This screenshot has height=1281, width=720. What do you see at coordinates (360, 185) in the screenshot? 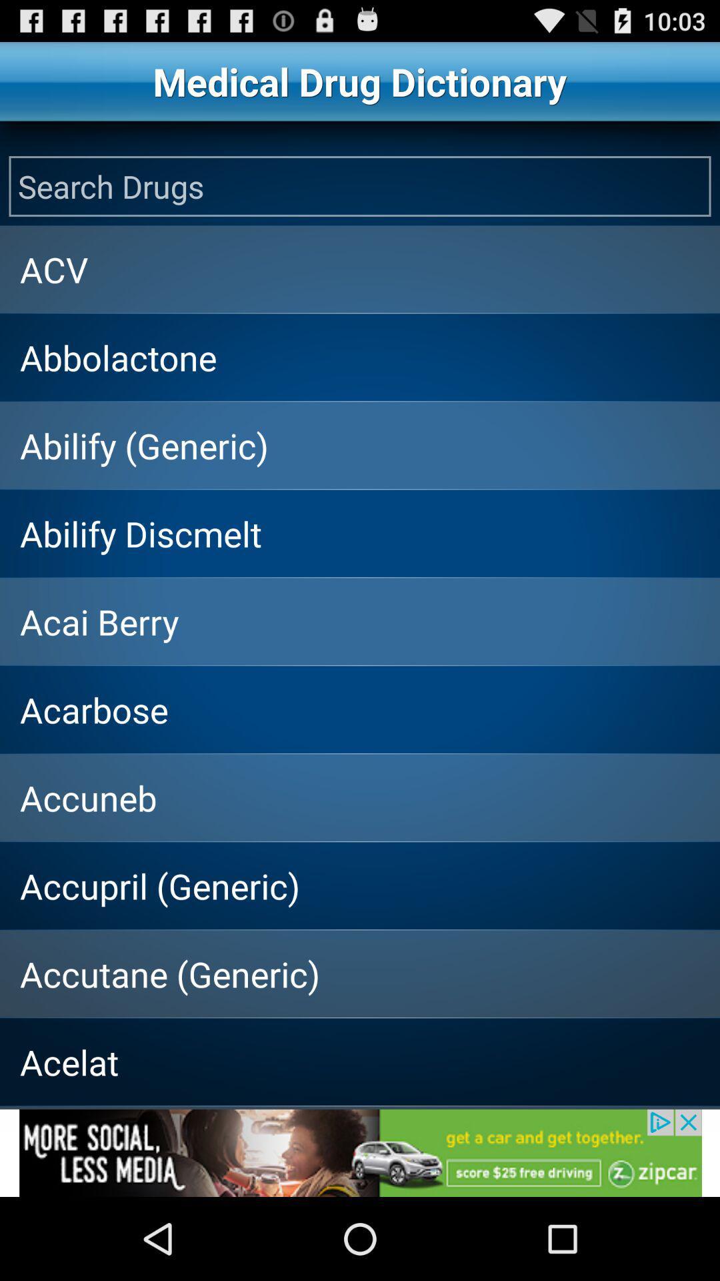
I see `open the search field` at bounding box center [360, 185].